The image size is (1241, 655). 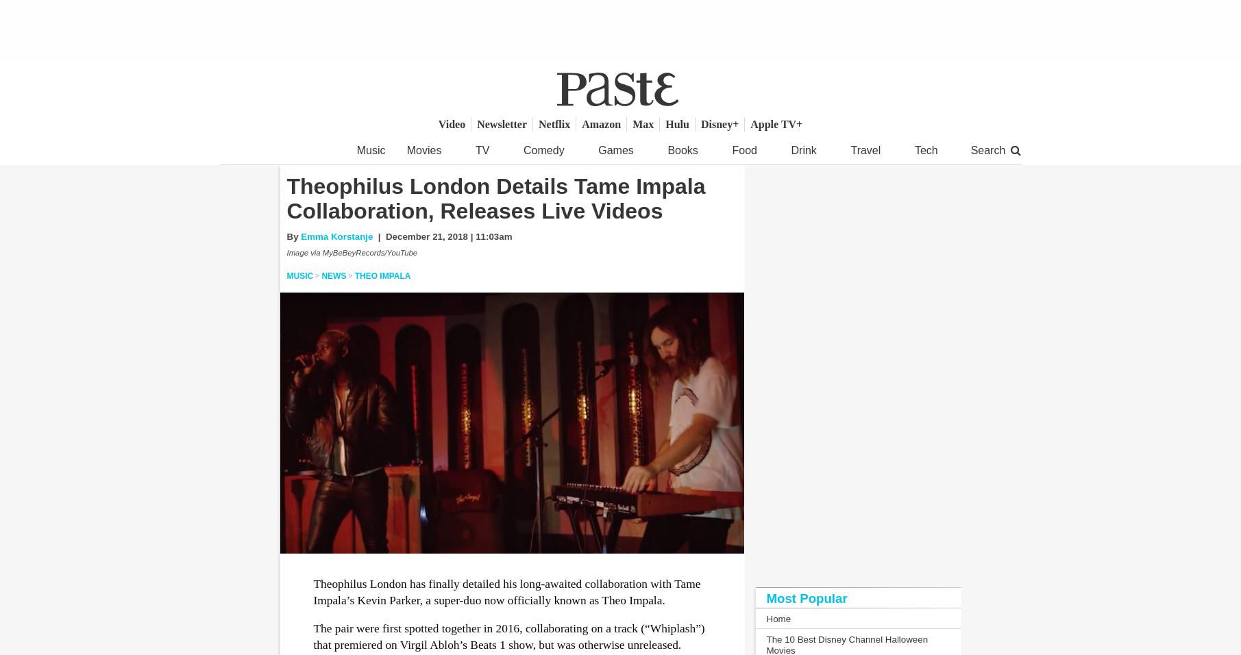 I want to click on 'Travel', so click(x=850, y=150).